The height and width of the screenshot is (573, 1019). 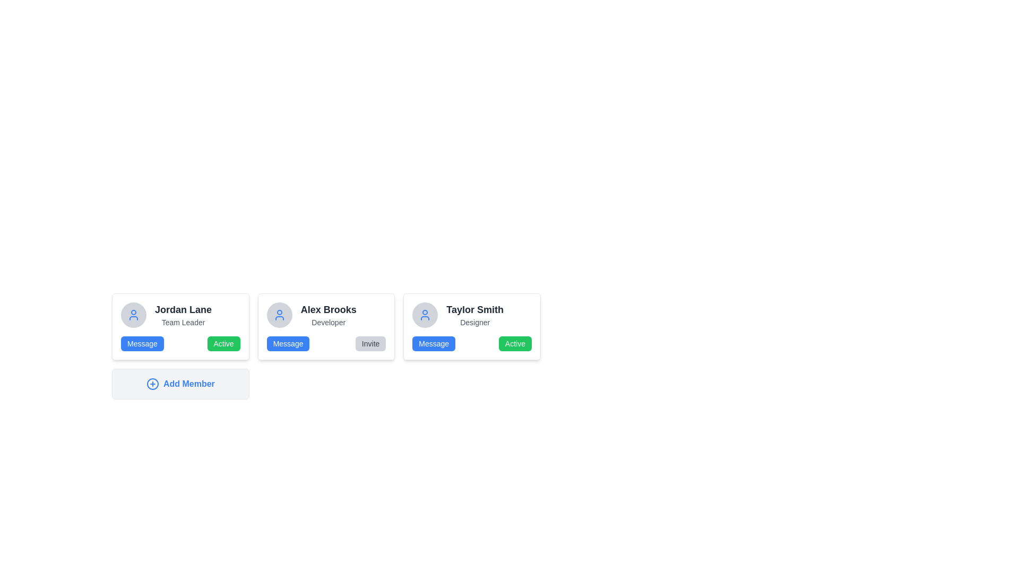 I want to click on the central profile display section, so click(x=325, y=315).